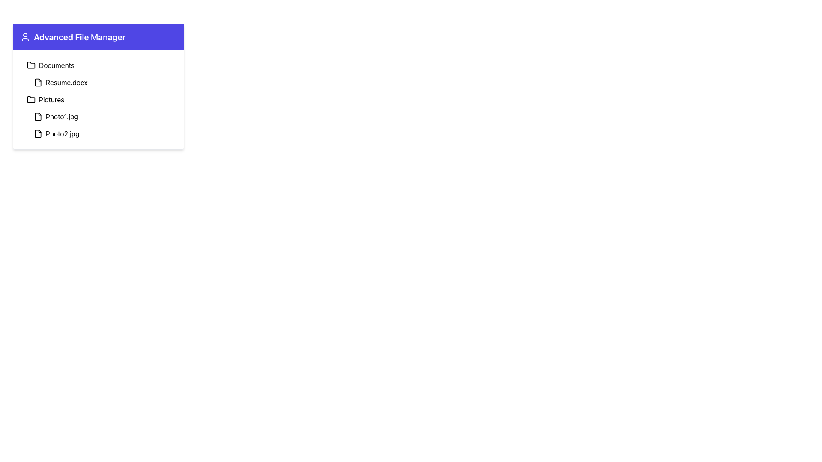 Image resolution: width=822 pixels, height=462 pixels. What do you see at coordinates (102, 117) in the screenshot?
I see `the file list item named 'Photo1.jpg', which is the second item under the 'Pictures' section` at bounding box center [102, 117].